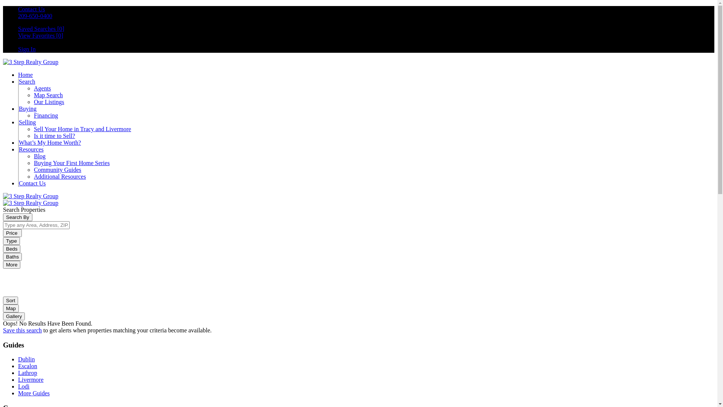  Describe the element at coordinates (18, 393) in the screenshot. I see `'More Guides'` at that location.